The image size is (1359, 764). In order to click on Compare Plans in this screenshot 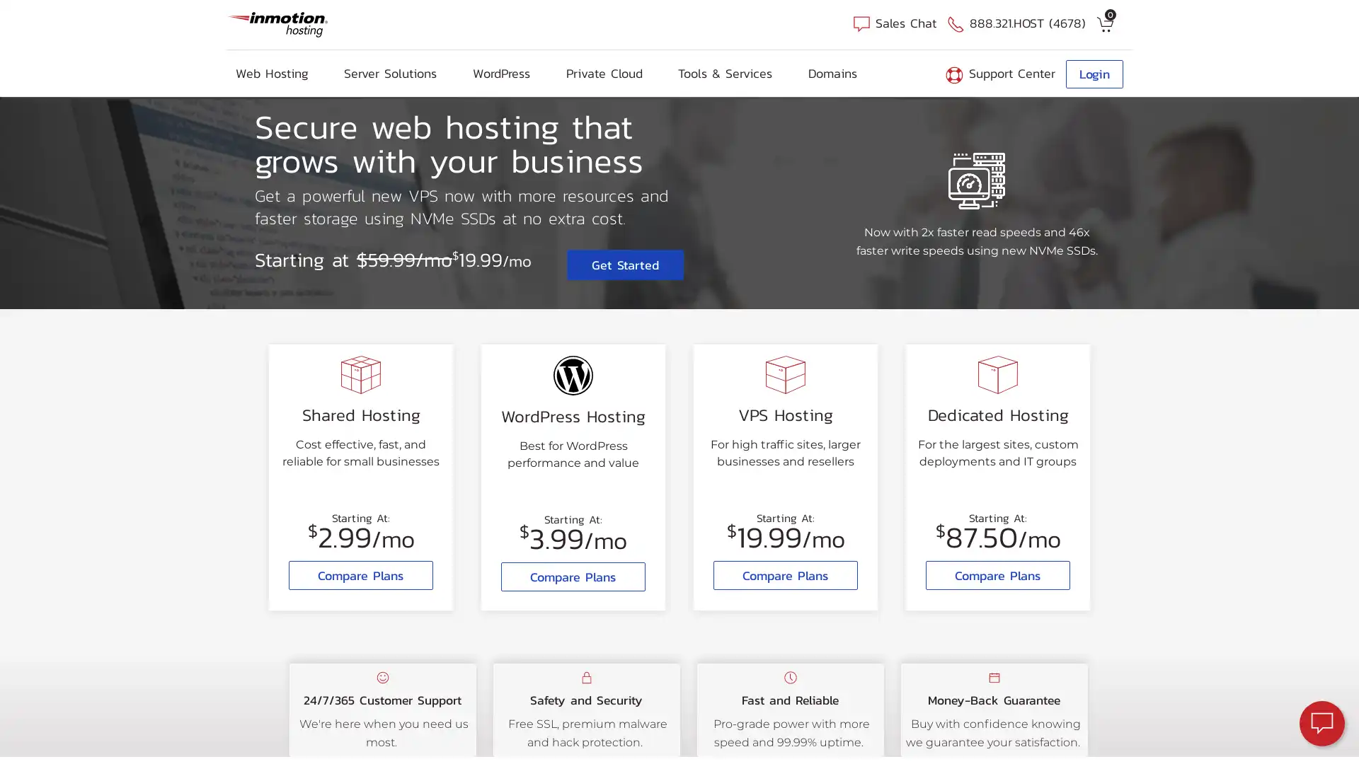, I will do `click(360, 575)`.